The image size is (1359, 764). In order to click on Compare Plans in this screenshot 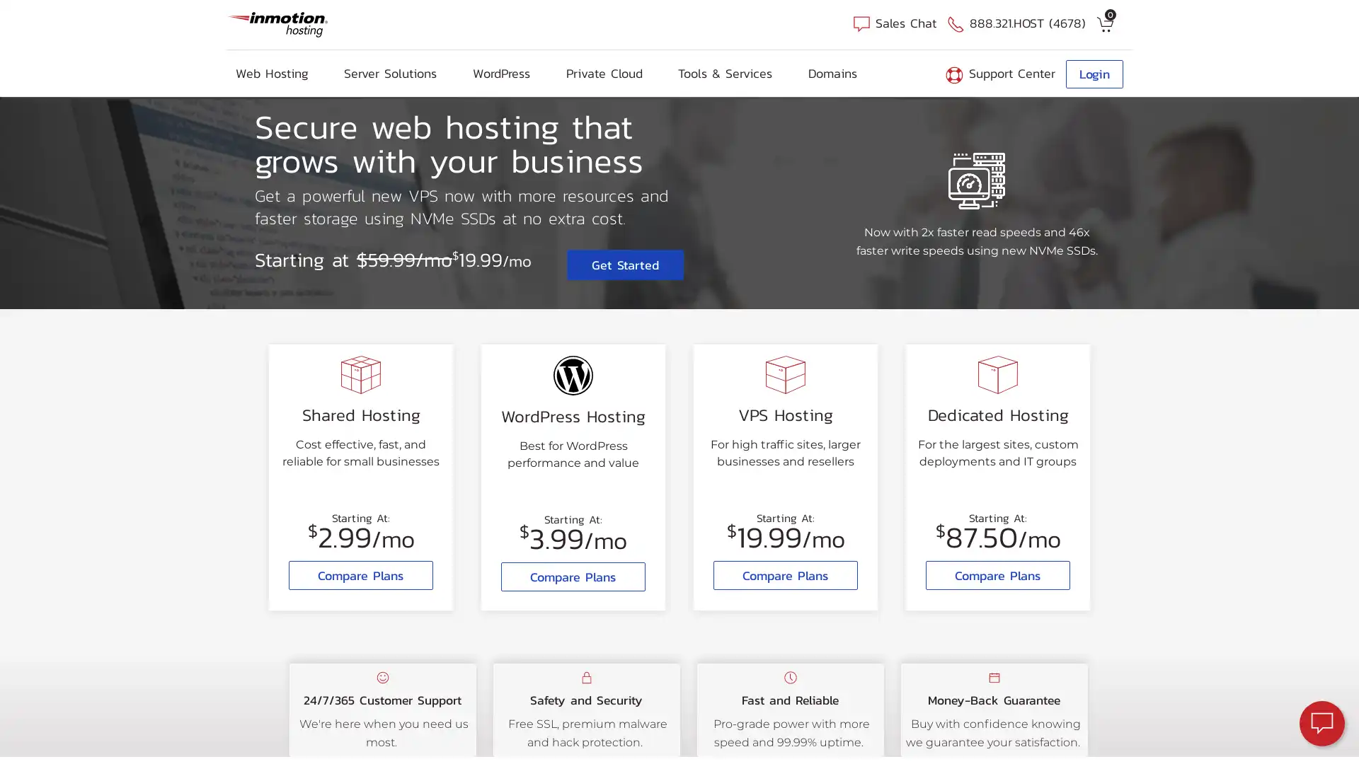, I will do `click(360, 575)`.